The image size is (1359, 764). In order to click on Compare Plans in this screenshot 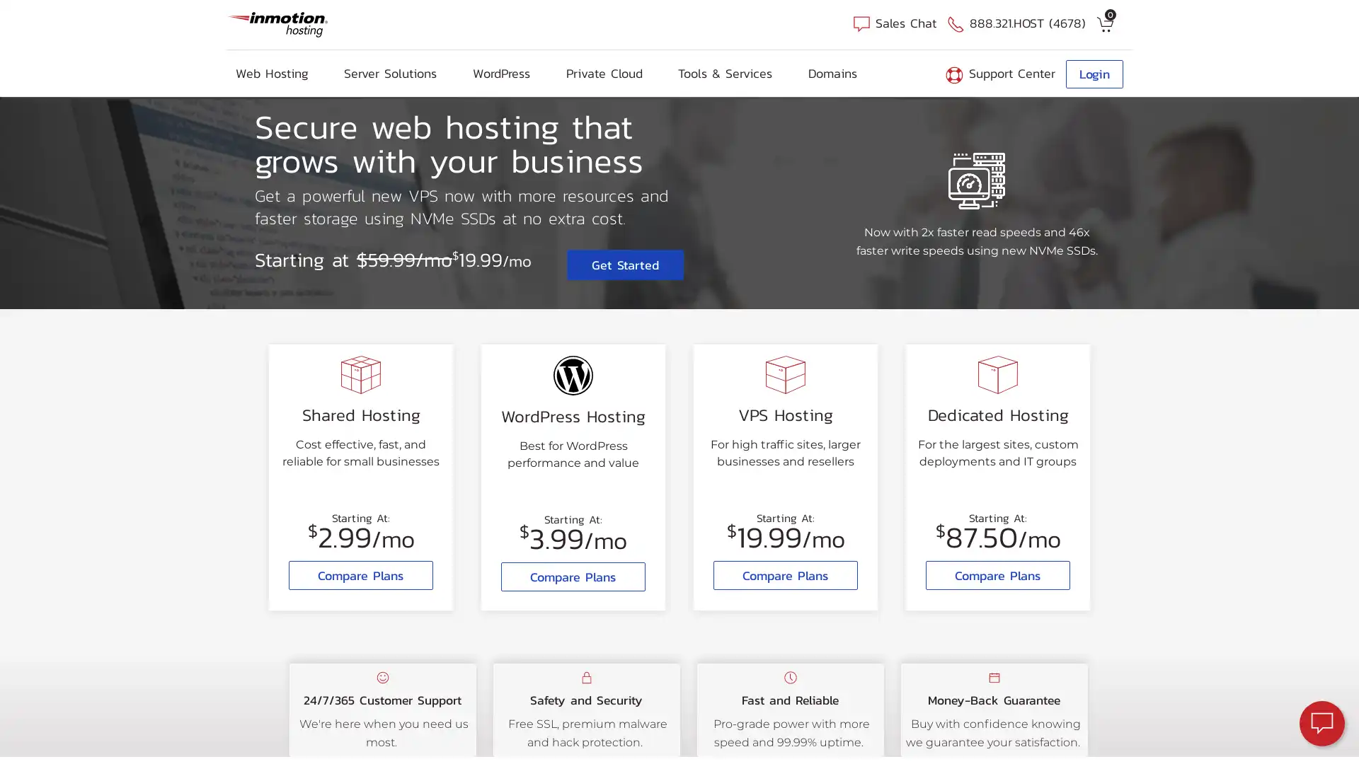, I will do `click(360, 575)`.